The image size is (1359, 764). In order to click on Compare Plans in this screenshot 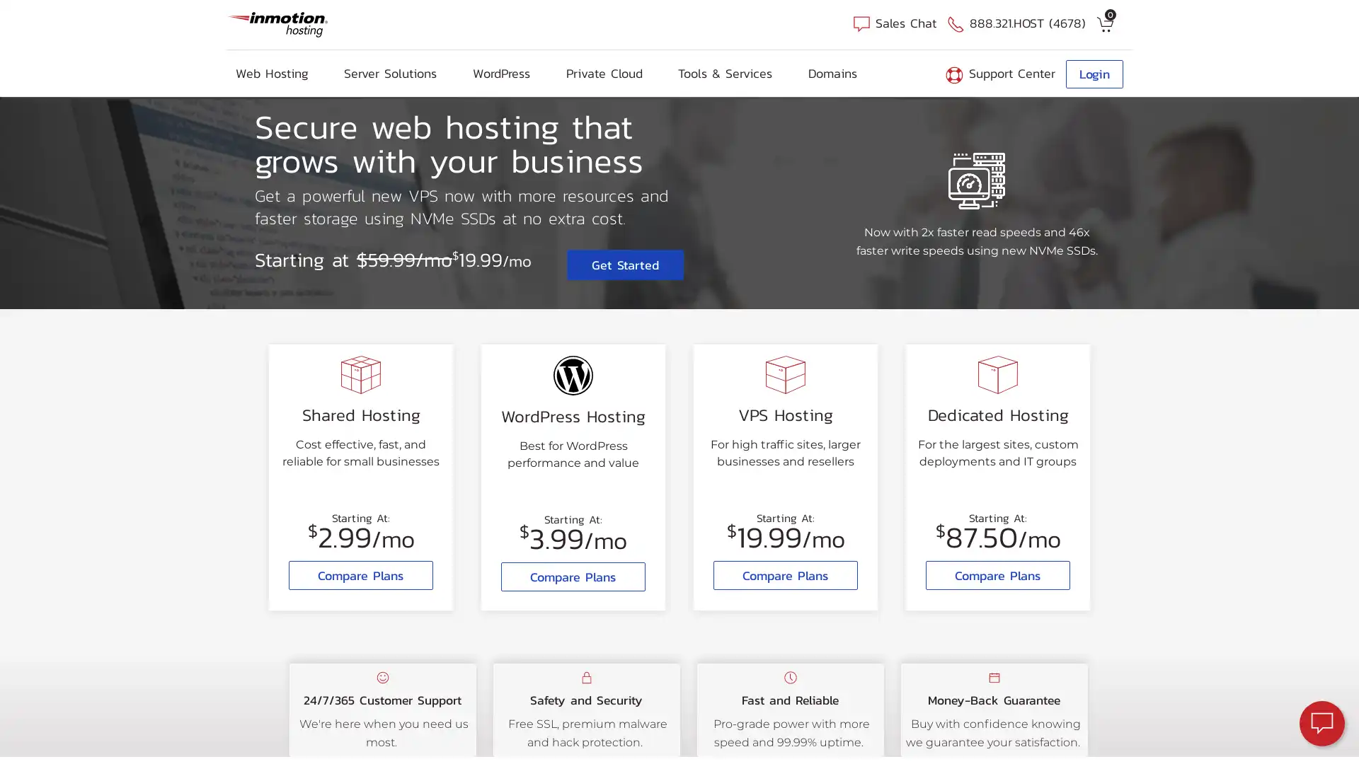, I will do `click(360, 575)`.